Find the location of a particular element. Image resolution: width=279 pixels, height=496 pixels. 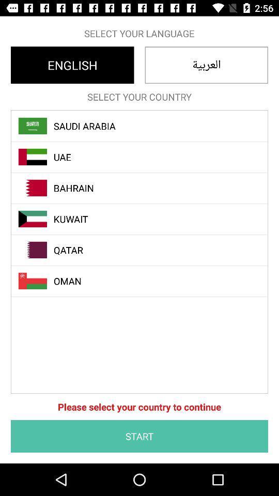

icon below the bahrain item is located at coordinates (145, 219).